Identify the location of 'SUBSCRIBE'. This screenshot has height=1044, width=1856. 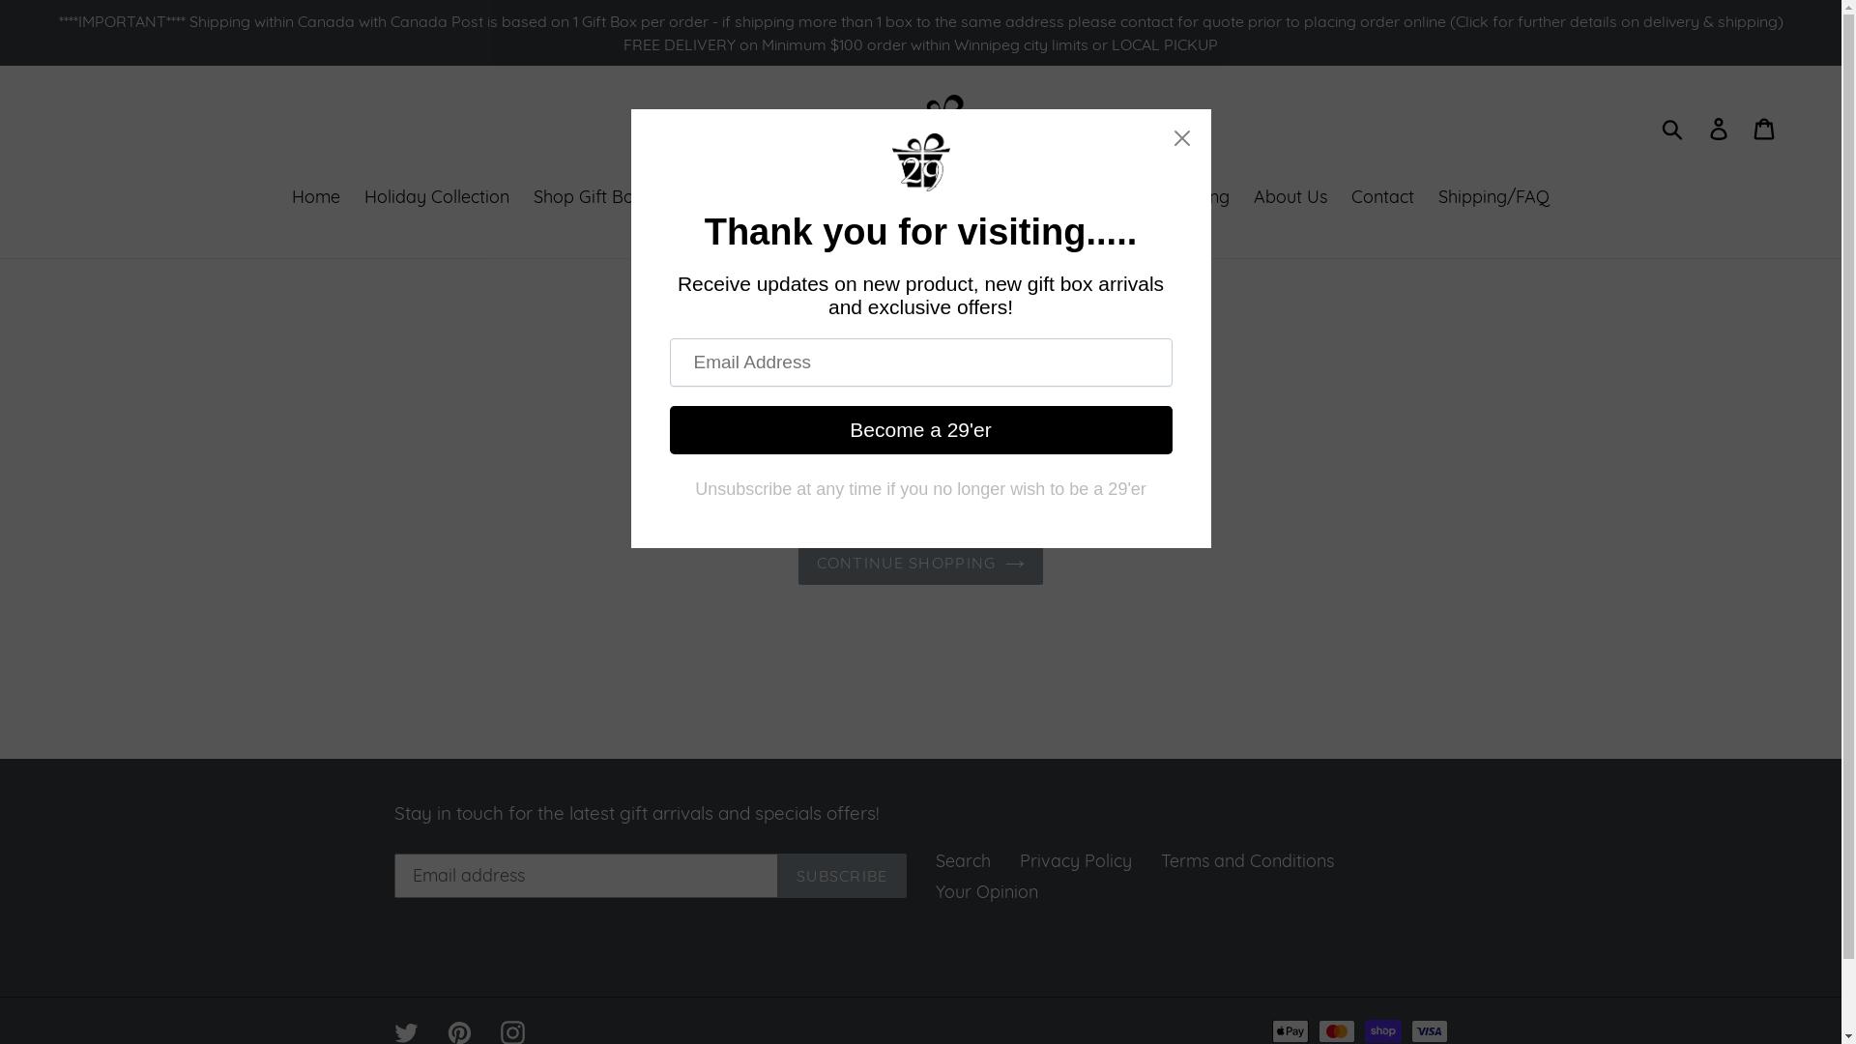
(842, 876).